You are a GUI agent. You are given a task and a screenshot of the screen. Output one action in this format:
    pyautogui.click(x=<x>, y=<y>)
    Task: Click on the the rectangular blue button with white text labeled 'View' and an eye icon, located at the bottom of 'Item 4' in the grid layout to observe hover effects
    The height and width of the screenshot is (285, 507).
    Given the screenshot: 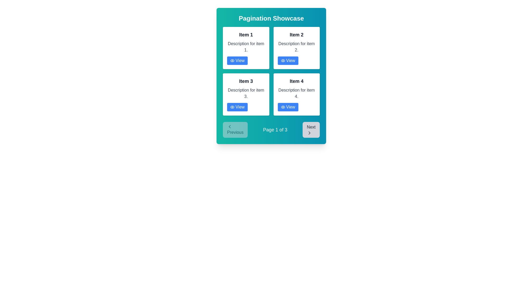 What is the action you would take?
    pyautogui.click(x=288, y=107)
    